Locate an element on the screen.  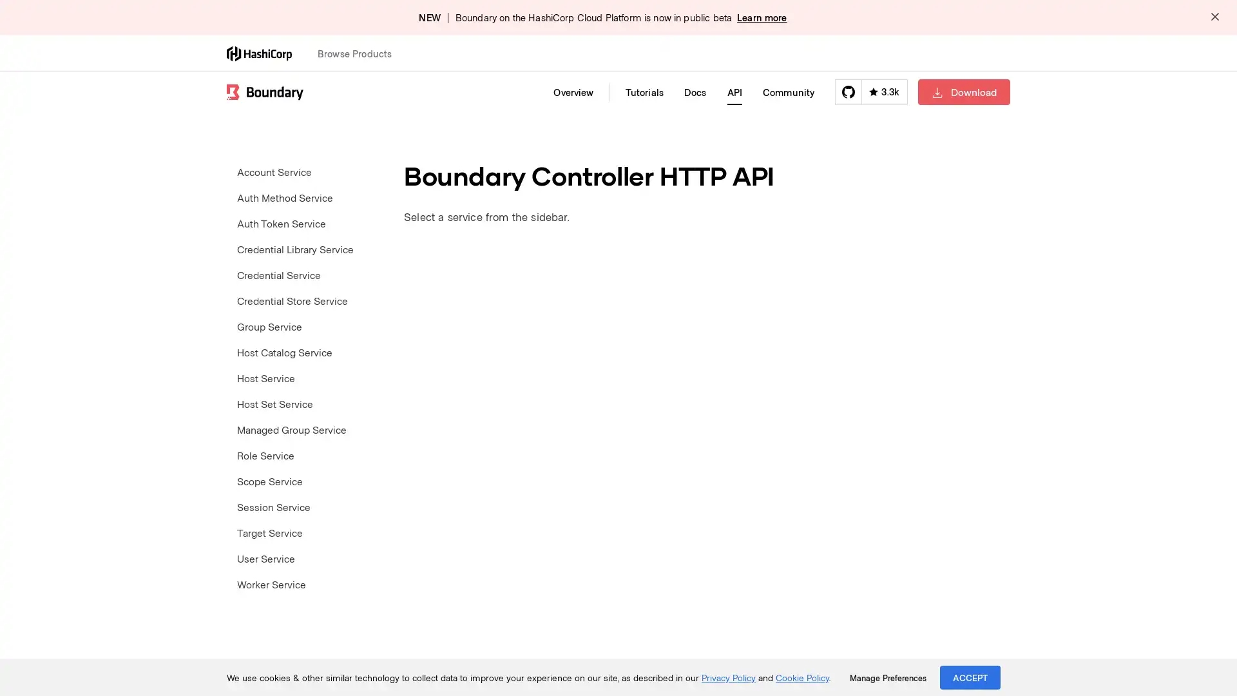
Browse Products Open this menu is located at coordinates (360, 53).